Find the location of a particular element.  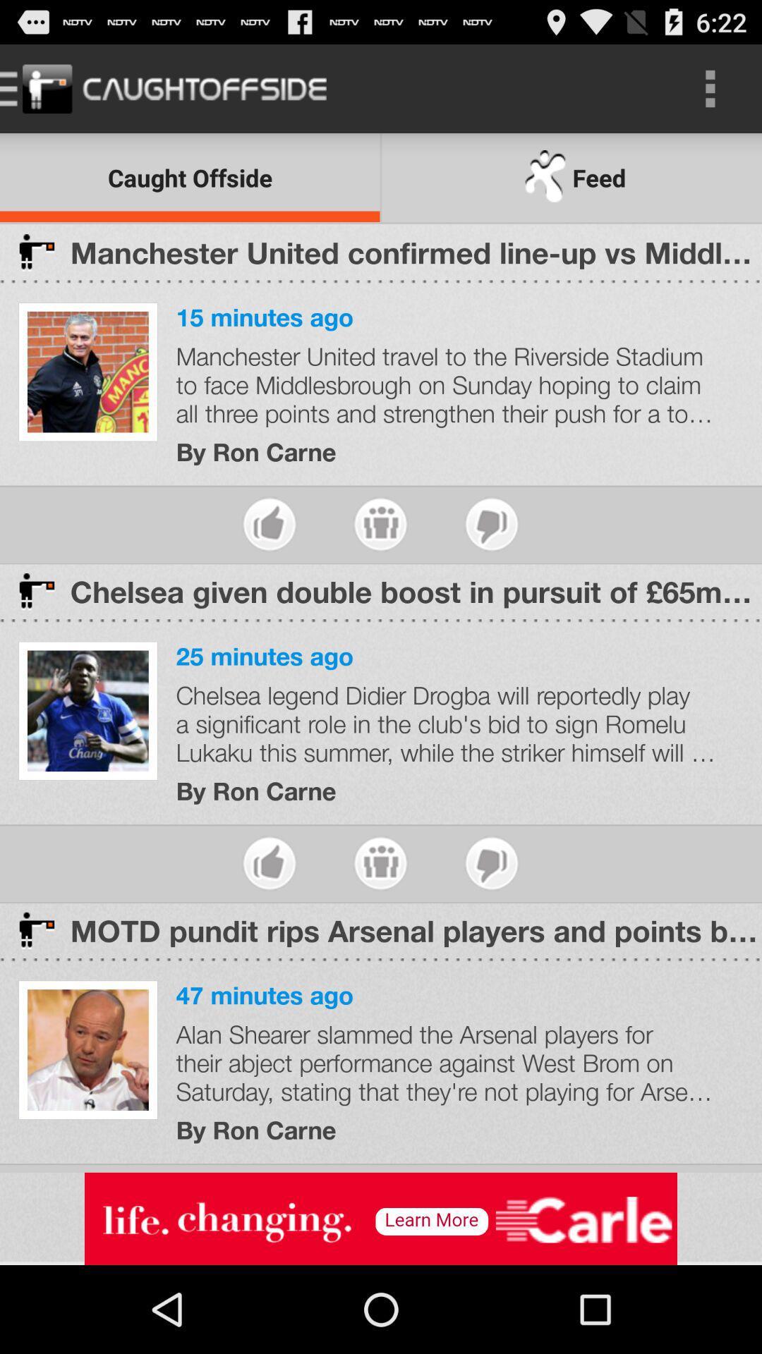

friendlist is located at coordinates (380, 862).